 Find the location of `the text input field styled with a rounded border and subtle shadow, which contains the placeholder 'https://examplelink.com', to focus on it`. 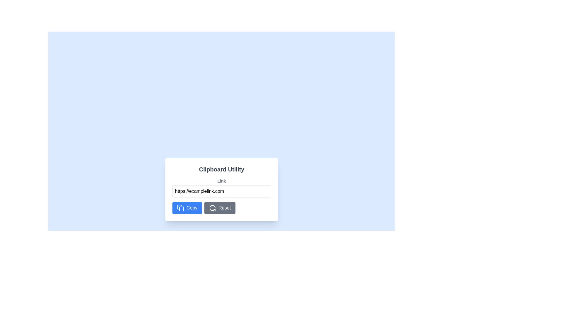

the text input field styled with a rounded border and subtle shadow, which contains the placeholder 'https://examplelink.com', to focus on it is located at coordinates (221, 190).